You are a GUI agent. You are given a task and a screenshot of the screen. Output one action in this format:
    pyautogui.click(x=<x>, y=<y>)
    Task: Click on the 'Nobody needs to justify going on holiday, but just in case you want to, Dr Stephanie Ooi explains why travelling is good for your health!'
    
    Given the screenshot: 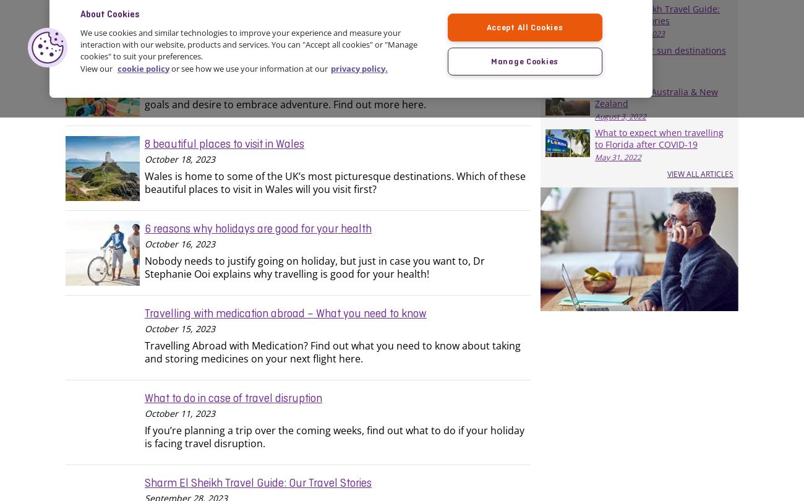 What is the action you would take?
    pyautogui.click(x=314, y=267)
    